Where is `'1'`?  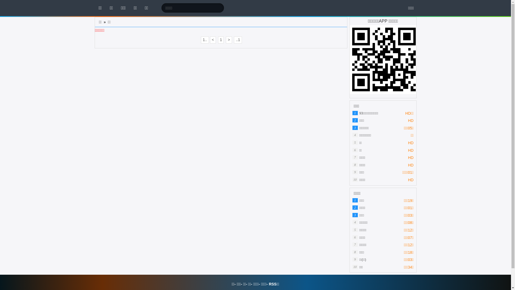 '1' is located at coordinates (218, 40).